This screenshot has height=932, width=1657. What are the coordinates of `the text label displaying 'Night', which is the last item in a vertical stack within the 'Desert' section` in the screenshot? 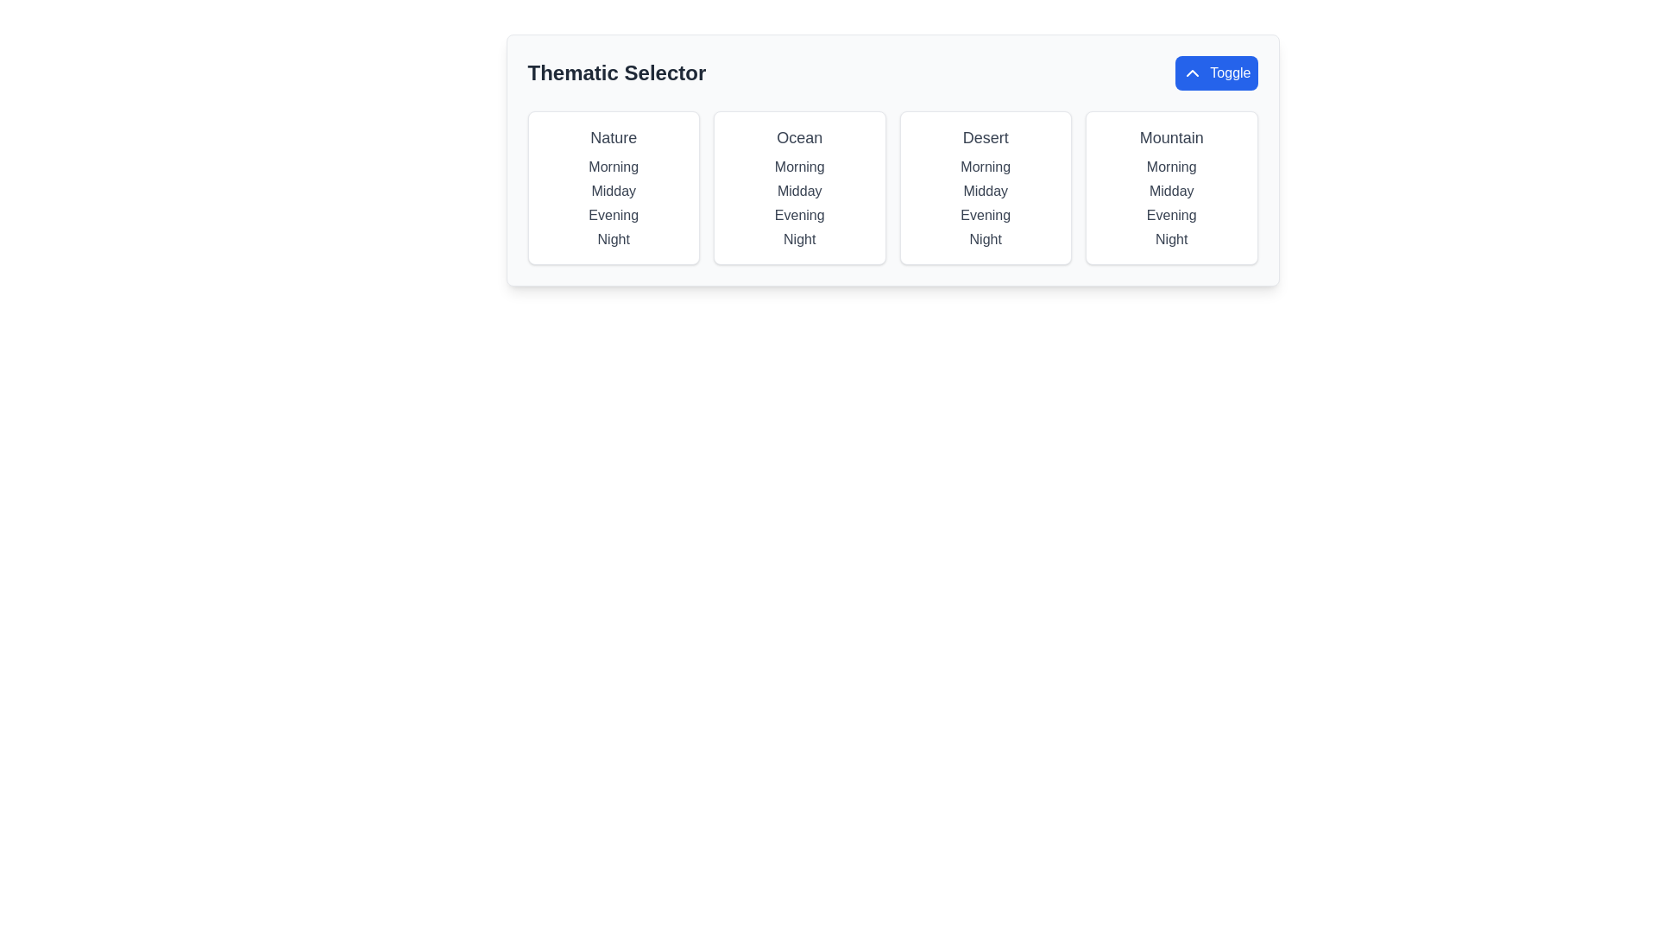 It's located at (986, 239).